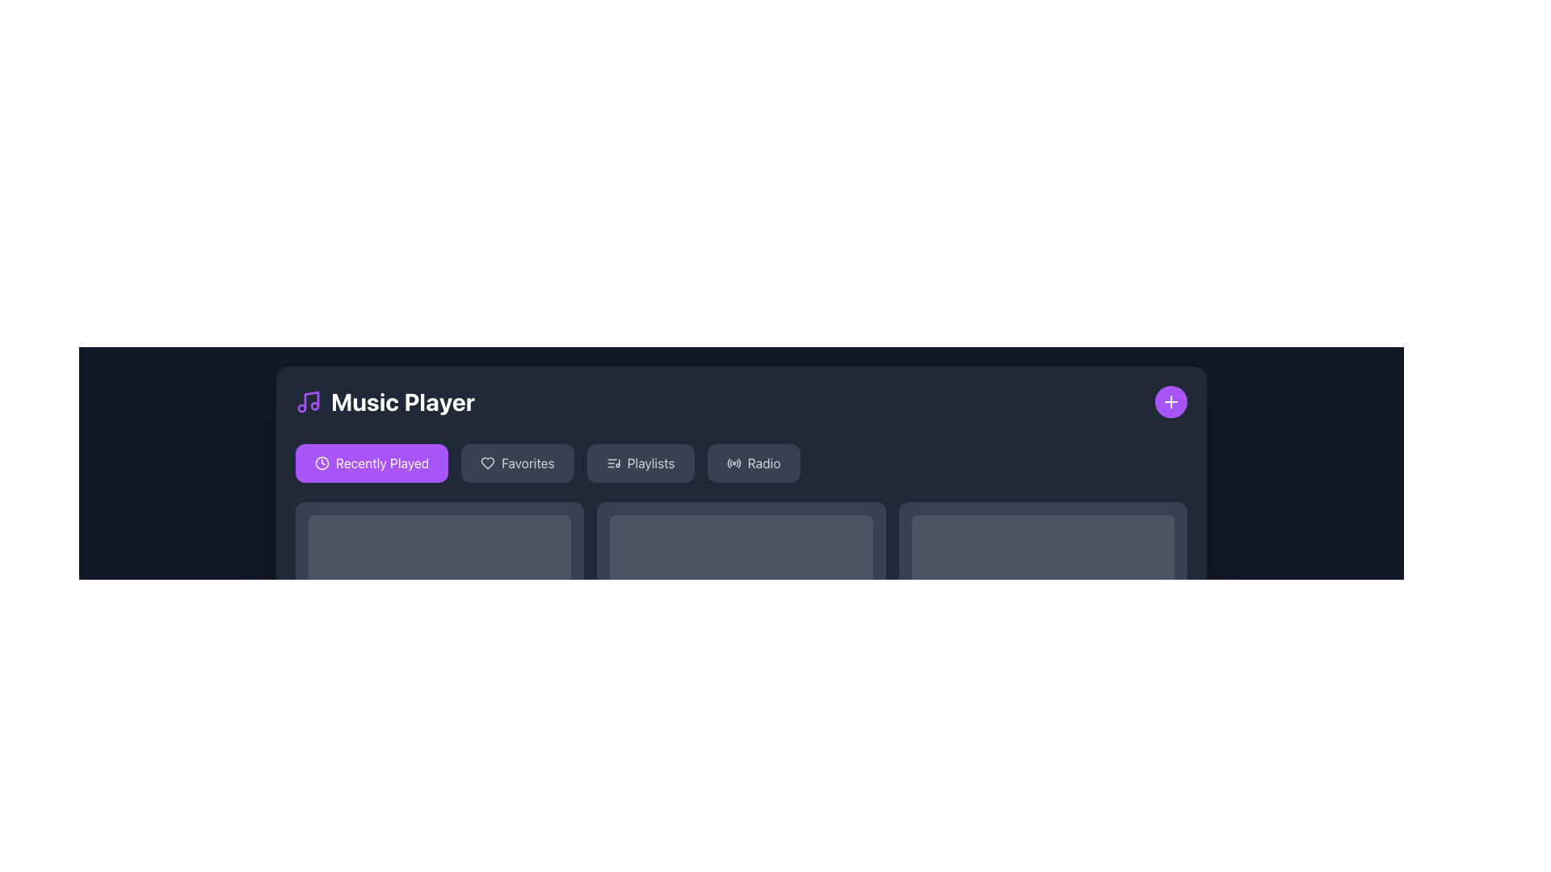  What do you see at coordinates (640, 463) in the screenshot?
I see `the third button in the horizontal group of four buttons located near the top-center area of the interface` at bounding box center [640, 463].